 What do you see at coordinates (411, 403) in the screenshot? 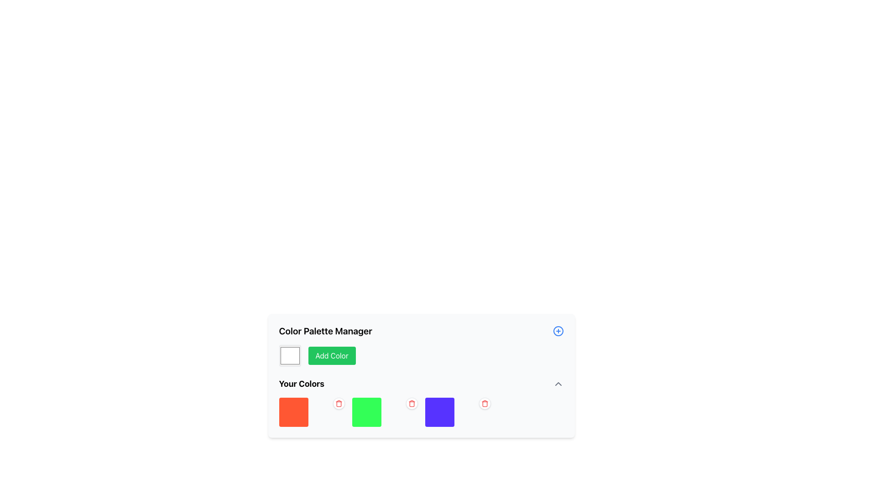
I see `the second red trash can icon under the 'Your Colors' section` at bounding box center [411, 403].